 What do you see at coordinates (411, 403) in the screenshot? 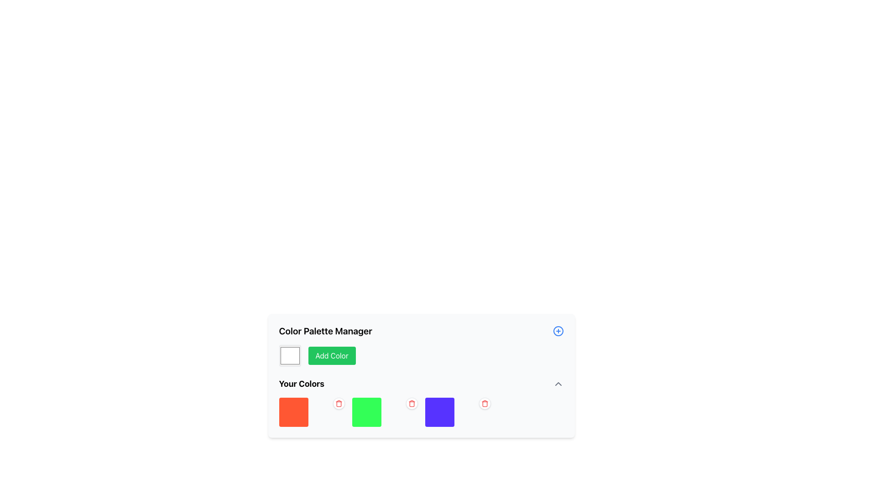
I see `the second red trash can icon under the 'Your Colors' section` at bounding box center [411, 403].